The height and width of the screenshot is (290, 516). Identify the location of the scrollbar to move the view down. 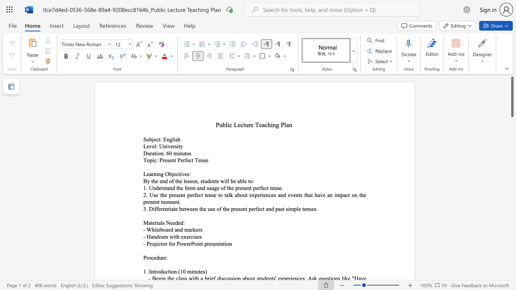
(512, 237).